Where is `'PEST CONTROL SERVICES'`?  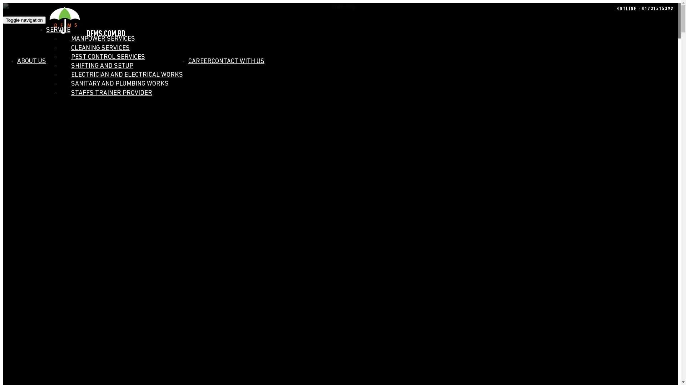 'PEST CONTROL SERVICES' is located at coordinates (105, 57).